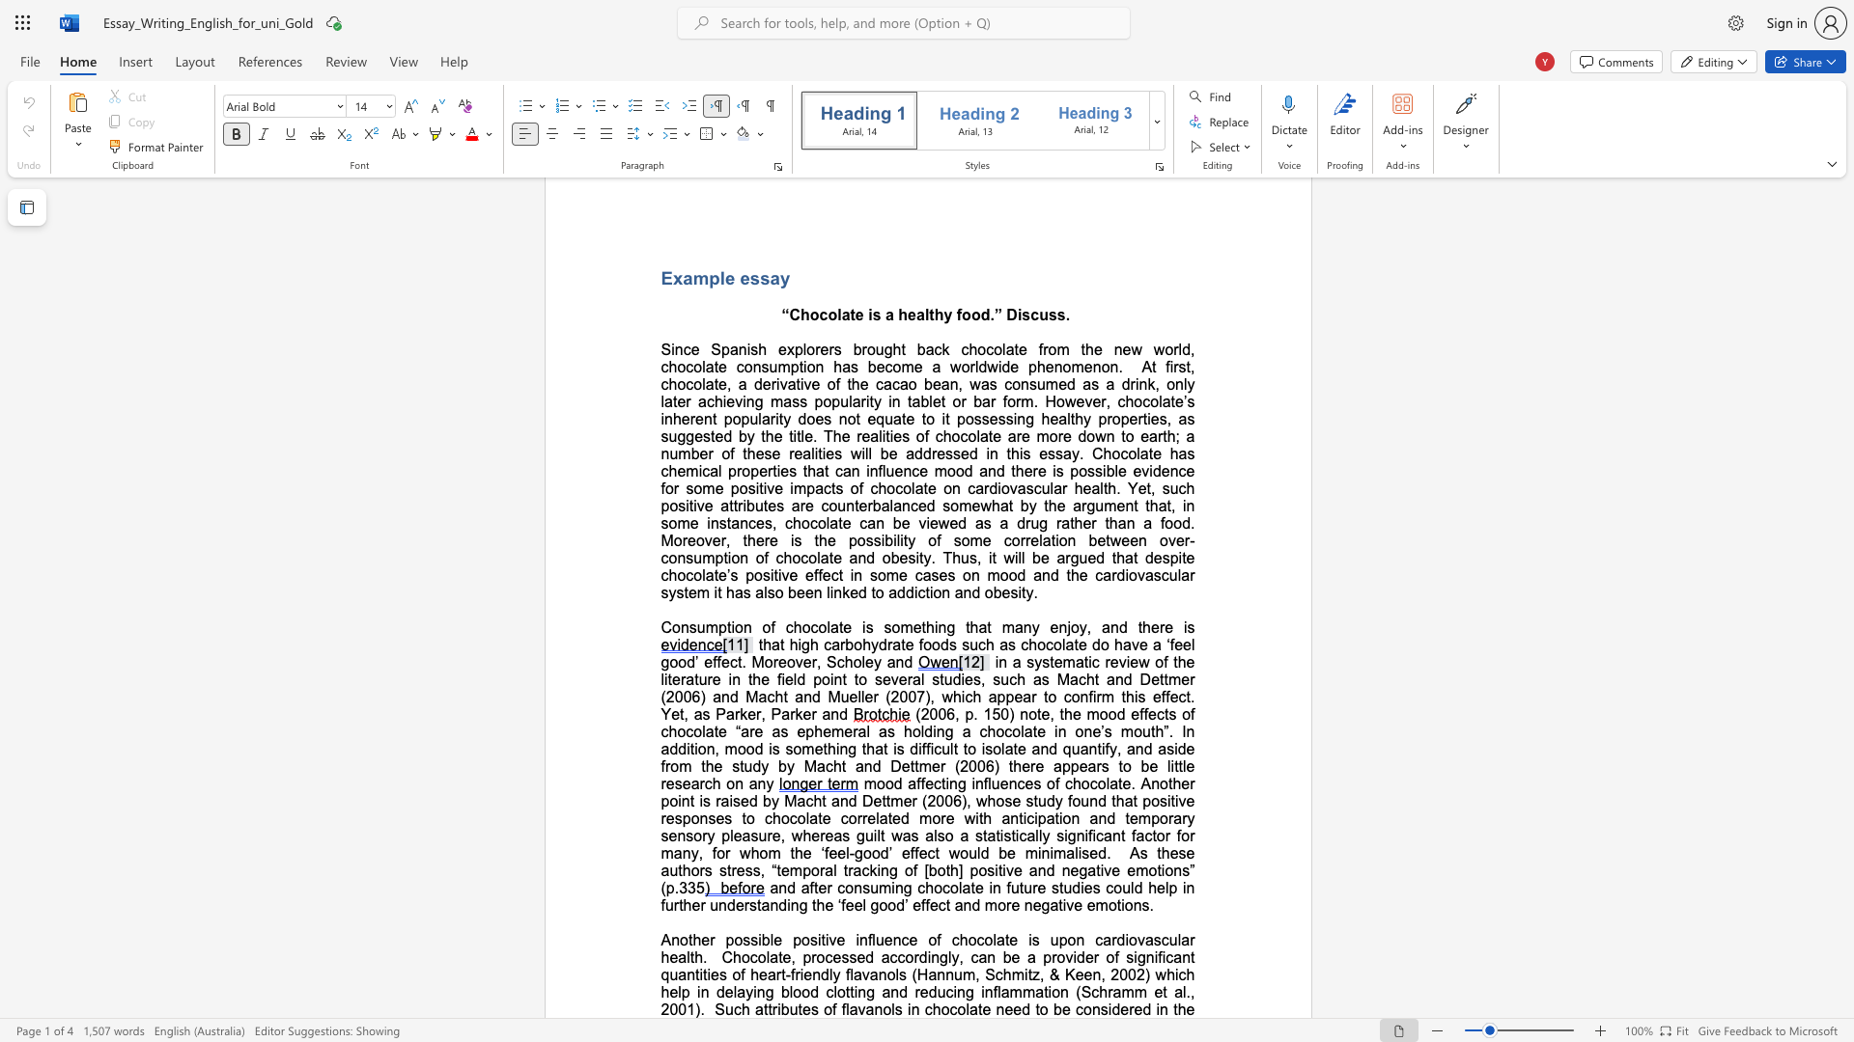 The width and height of the screenshot is (1854, 1042). What do you see at coordinates (856, 957) in the screenshot?
I see `the subset text "ed accordingly, can be a provider of significant quantities of heart-friendly flavanols (Hannu" within the text "Chocolate, processed accordingly, can be a provider of significant quantities of heart-friendly flavanols (Hannum, Schmitz, & Keen, 2002) which help in delaying blood clotting and reducing inflammation (Schramm et al., 2001)"` at bounding box center [856, 957].